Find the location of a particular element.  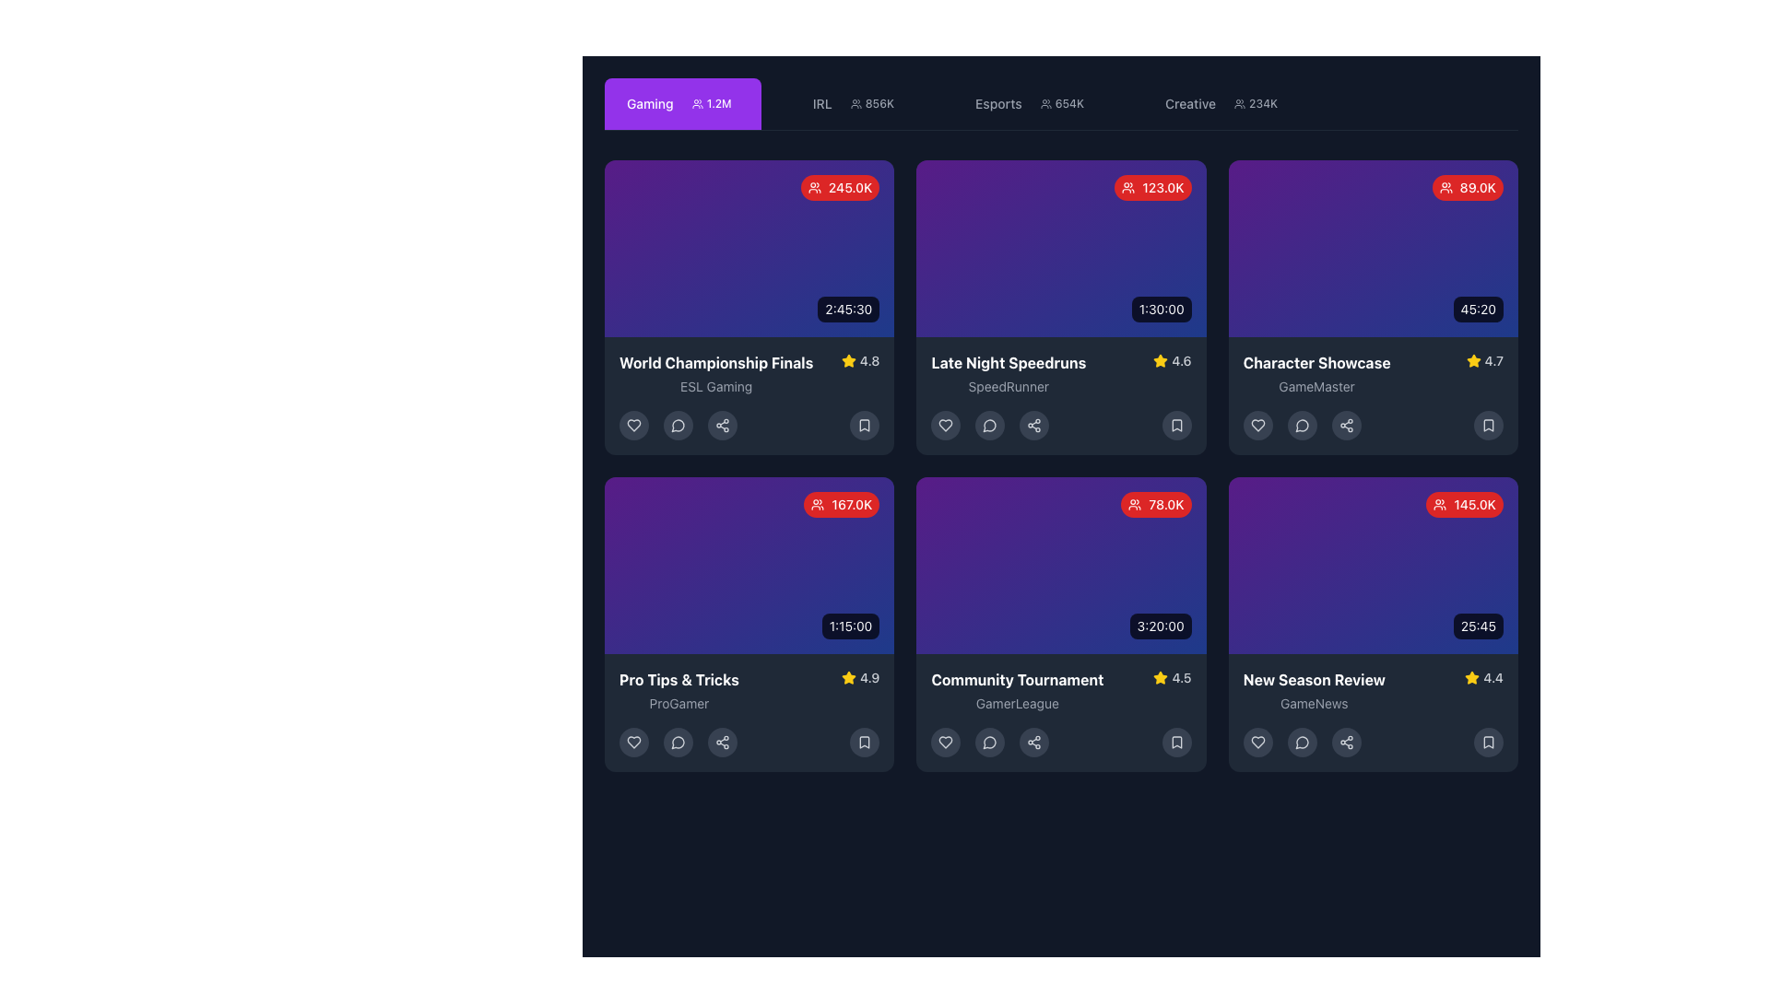

the circular button with a dark gray background and a share symbol icon located in the 'Character Showcase' card is located at coordinates (1346, 426).